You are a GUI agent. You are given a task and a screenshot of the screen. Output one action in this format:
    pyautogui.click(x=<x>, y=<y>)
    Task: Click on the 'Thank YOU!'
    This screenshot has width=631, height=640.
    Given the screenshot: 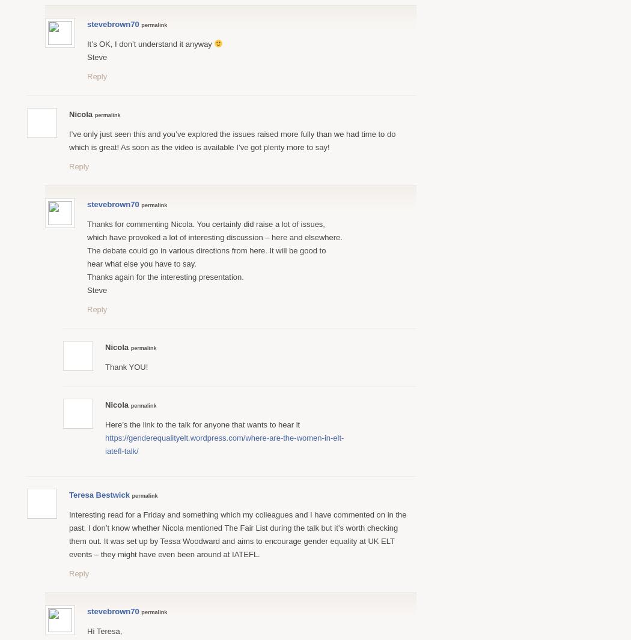 What is the action you would take?
    pyautogui.click(x=126, y=366)
    